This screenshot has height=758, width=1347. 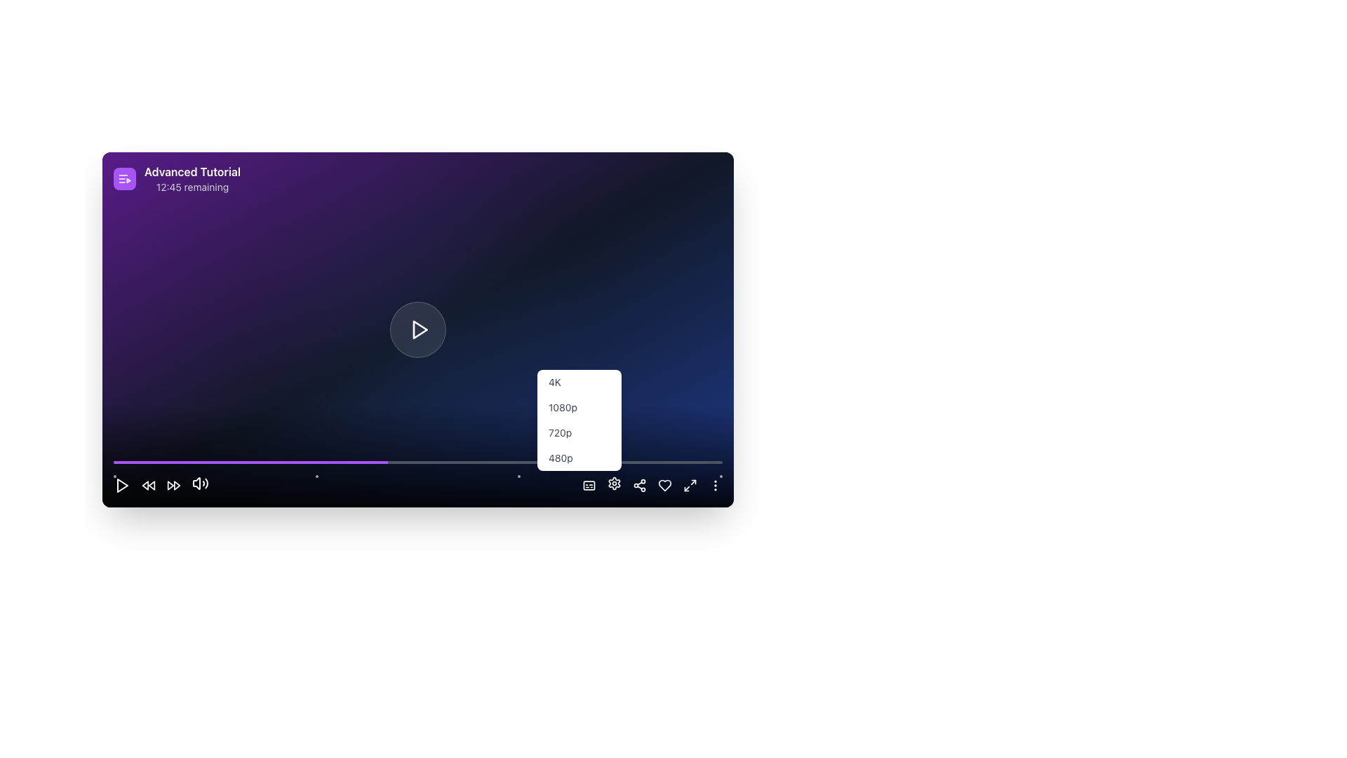 What do you see at coordinates (614, 483) in the screenshot?
I see `the cogwheel-shaped icon in the bottom-right control bar of the media player` at bounding box center [614, 483].